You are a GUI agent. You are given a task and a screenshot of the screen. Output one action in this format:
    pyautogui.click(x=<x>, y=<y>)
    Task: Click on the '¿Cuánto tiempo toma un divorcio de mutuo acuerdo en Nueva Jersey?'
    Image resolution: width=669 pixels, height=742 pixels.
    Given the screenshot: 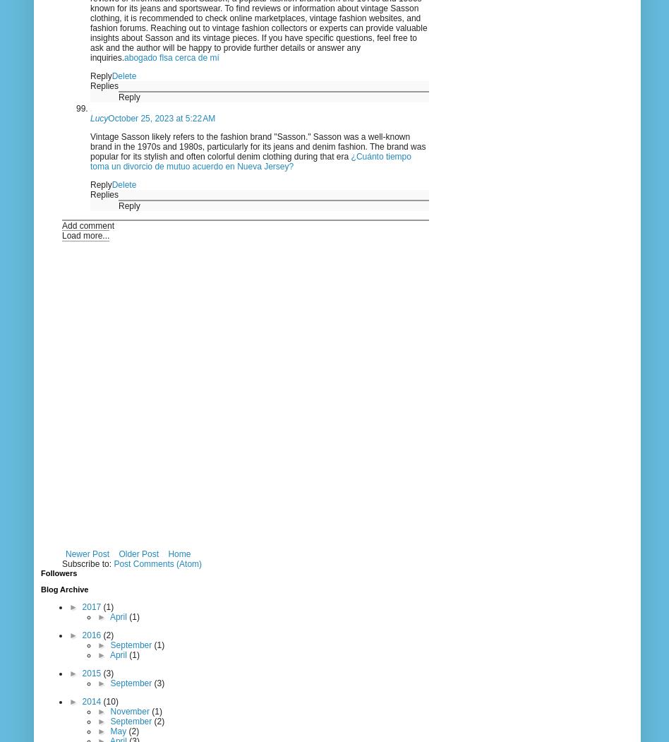 What is the action you would take?
    pyautogui.click(x=251, y=161)
    